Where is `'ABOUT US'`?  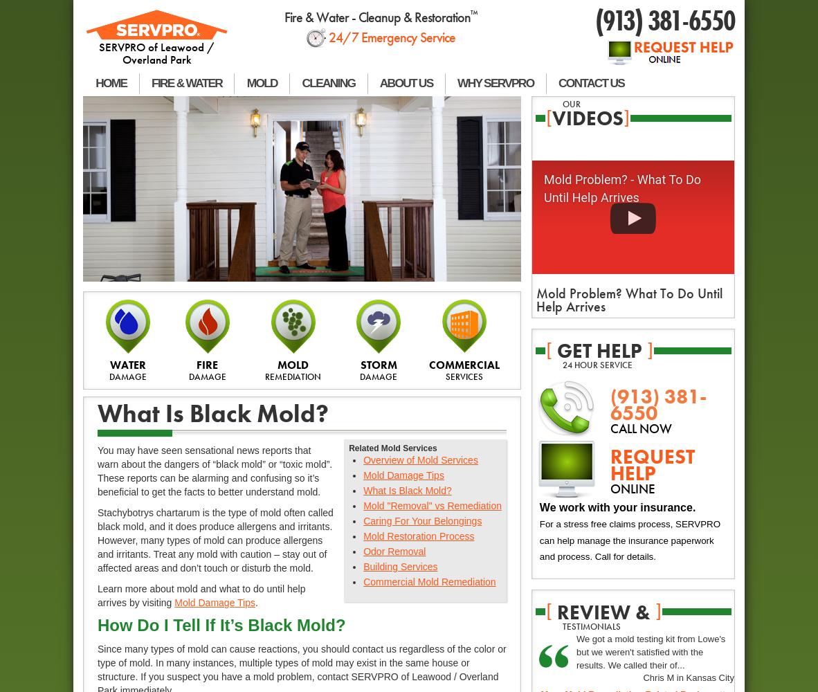 'ABOUT US' is located at coordinates (406, 82).